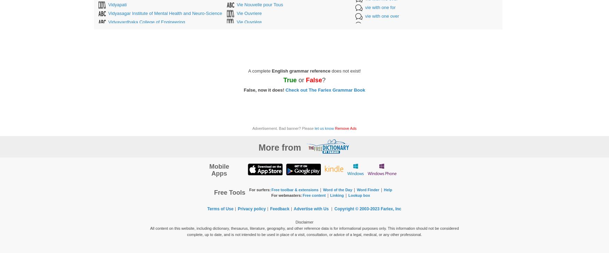 This screenshot has width=609, height=253. Describe the element at coordinates (251, 209) in the screenshot. I see `'Privacy policy'` at that location.